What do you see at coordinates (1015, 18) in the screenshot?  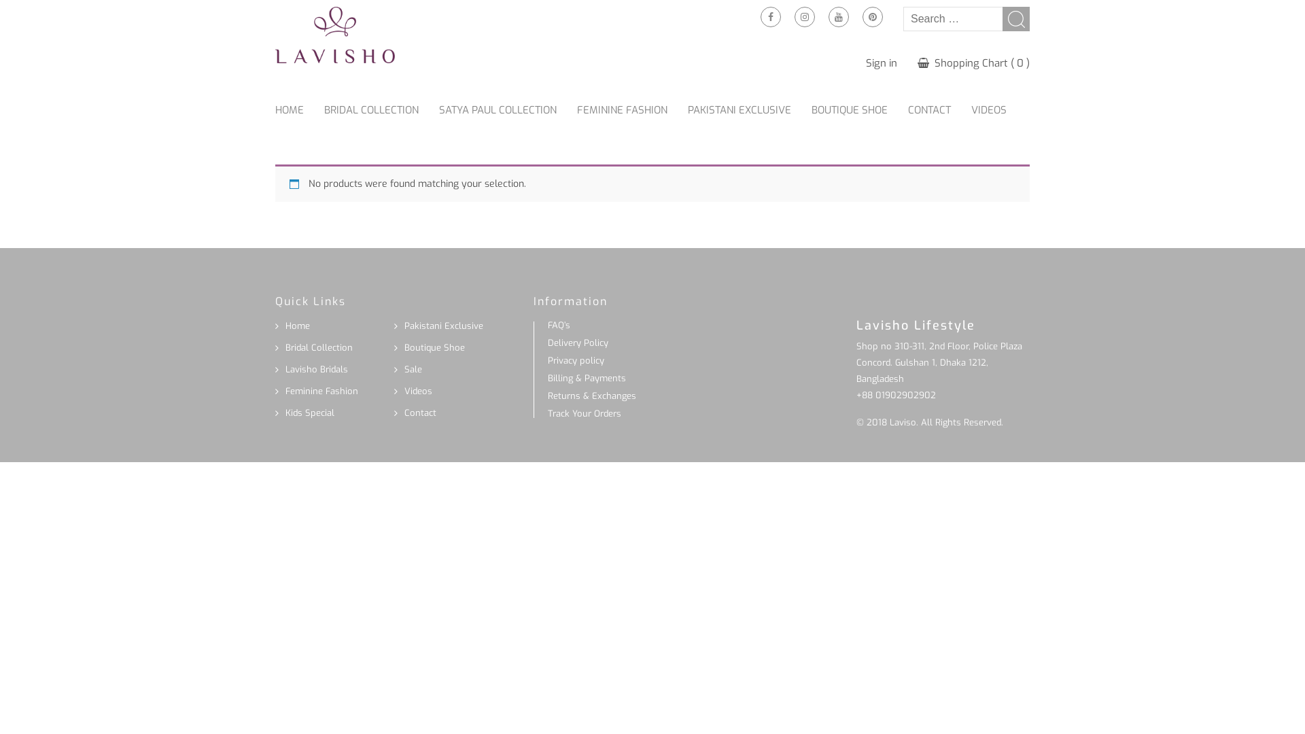 I see `'Search'` at bounding box center [1015, 18].